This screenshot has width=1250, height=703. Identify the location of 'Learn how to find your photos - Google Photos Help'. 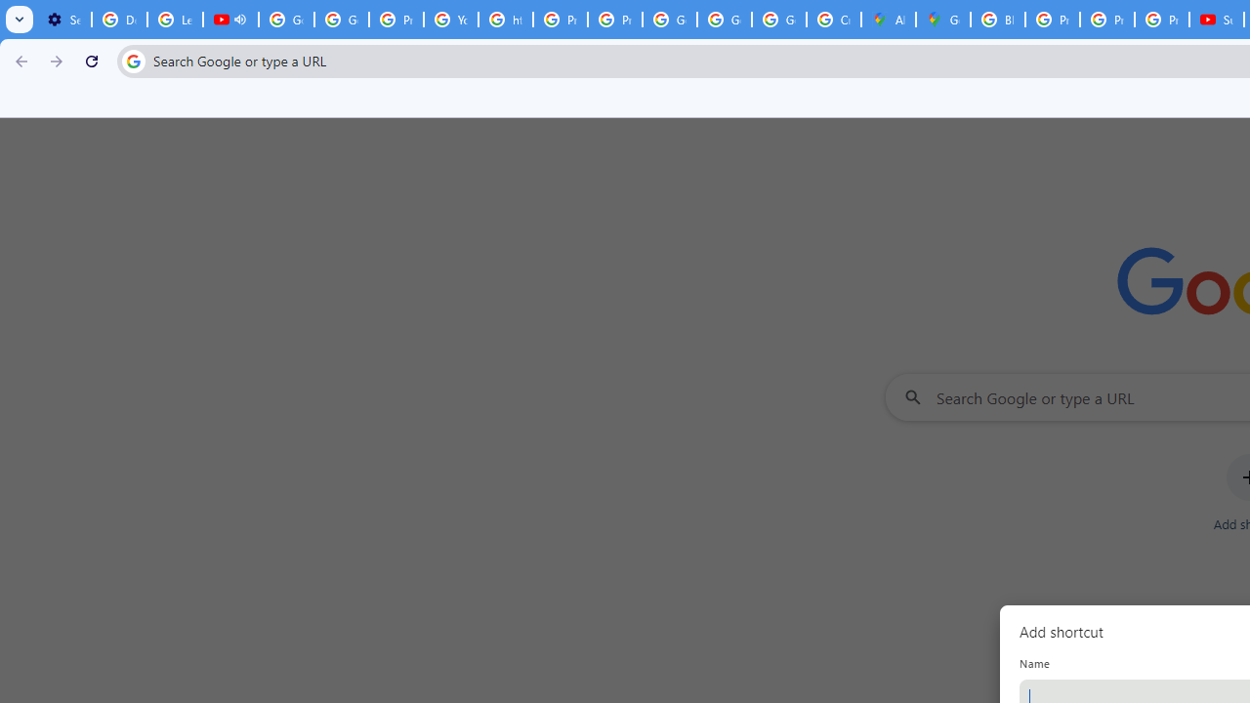
(175, 20).